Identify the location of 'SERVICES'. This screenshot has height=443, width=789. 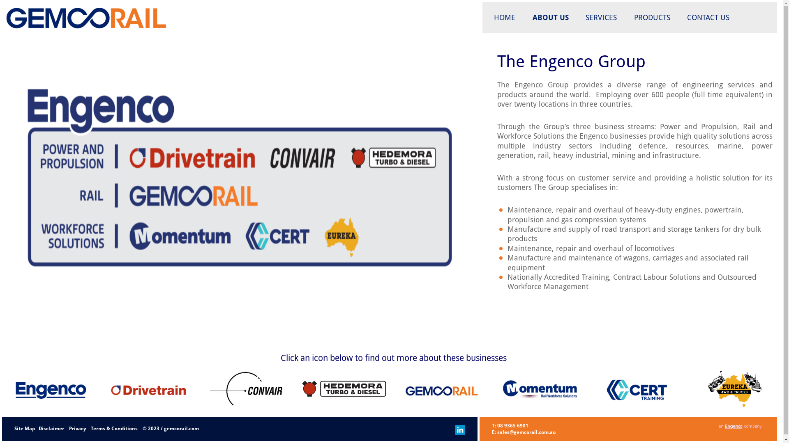
(601, 17).